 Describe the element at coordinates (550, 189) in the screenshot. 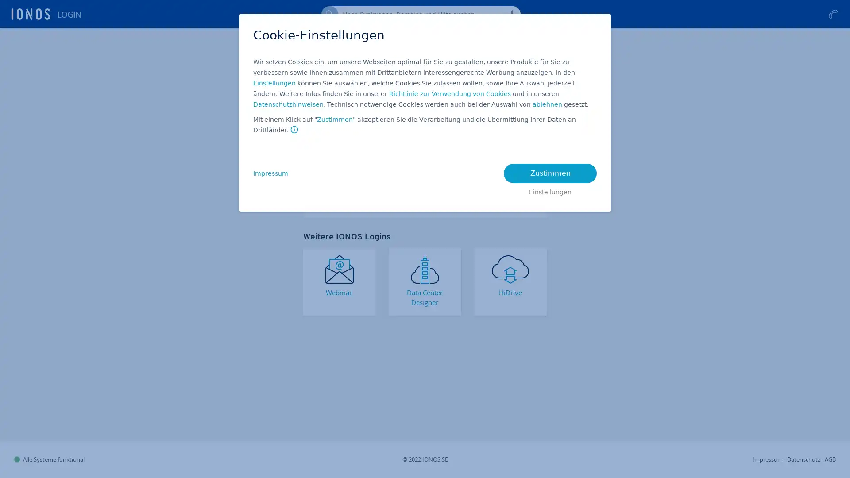

I see `Einstellungen` at that location.